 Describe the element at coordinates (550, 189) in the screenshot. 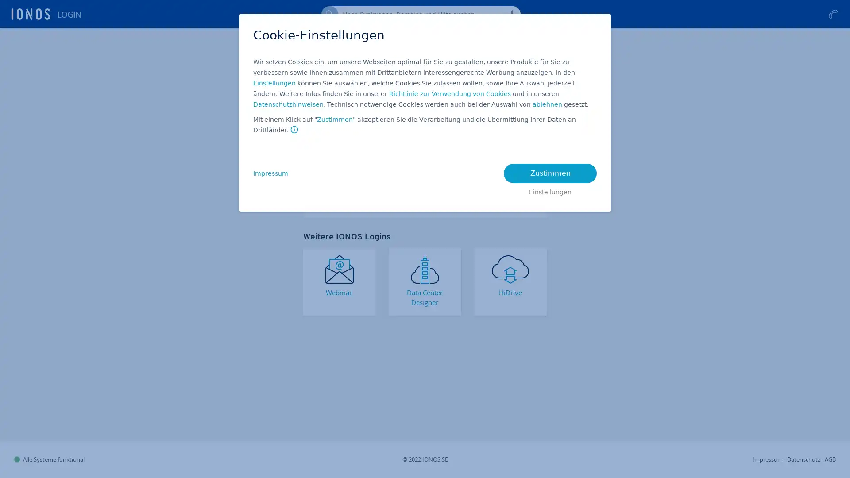

I see `Einstellungen` at that location.